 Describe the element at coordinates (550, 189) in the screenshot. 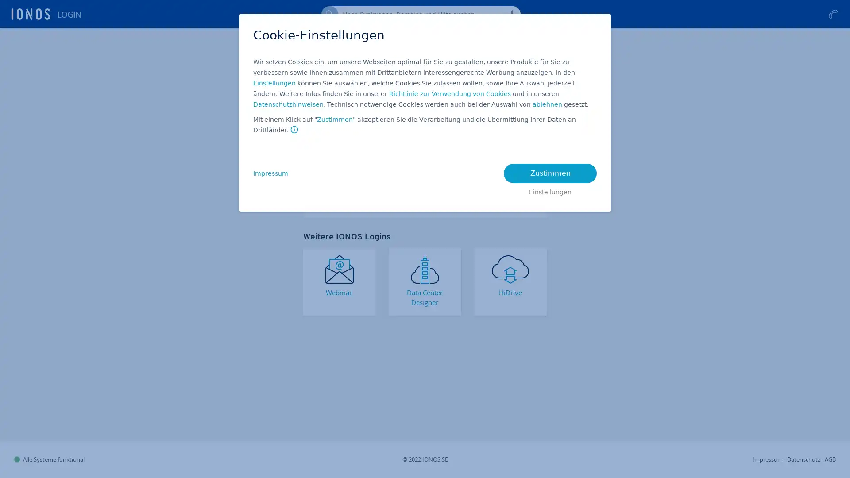

I see `Einstellungen` at that location.